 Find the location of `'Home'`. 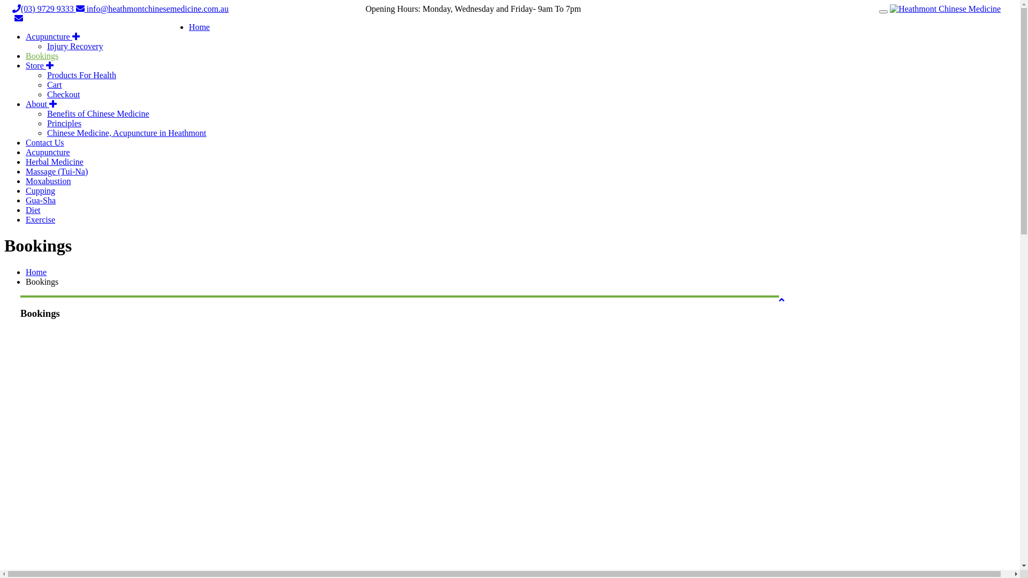

'Home' is located at coordinates (26, 271).